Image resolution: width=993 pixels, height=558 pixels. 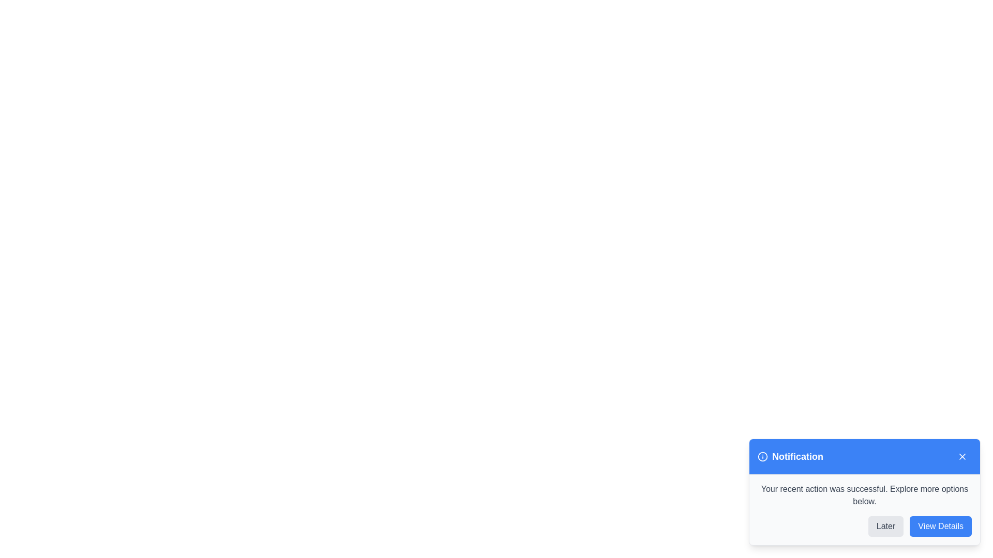 What do you see at coordinates (797, 456) in the screenshot?
I see `the blue notification label at the top of the pop-up that indicates the purpose of the notification message` at bounding box center [797, 456].